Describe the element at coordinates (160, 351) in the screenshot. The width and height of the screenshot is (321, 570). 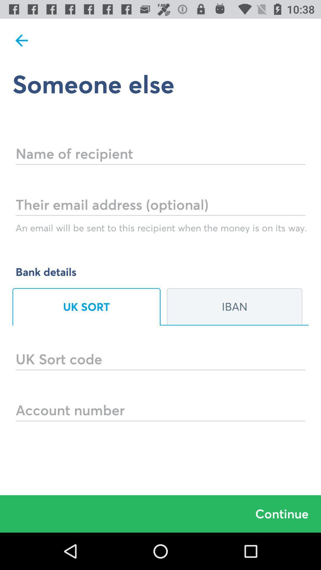
I see `the text which is immediately above account number` at that location.